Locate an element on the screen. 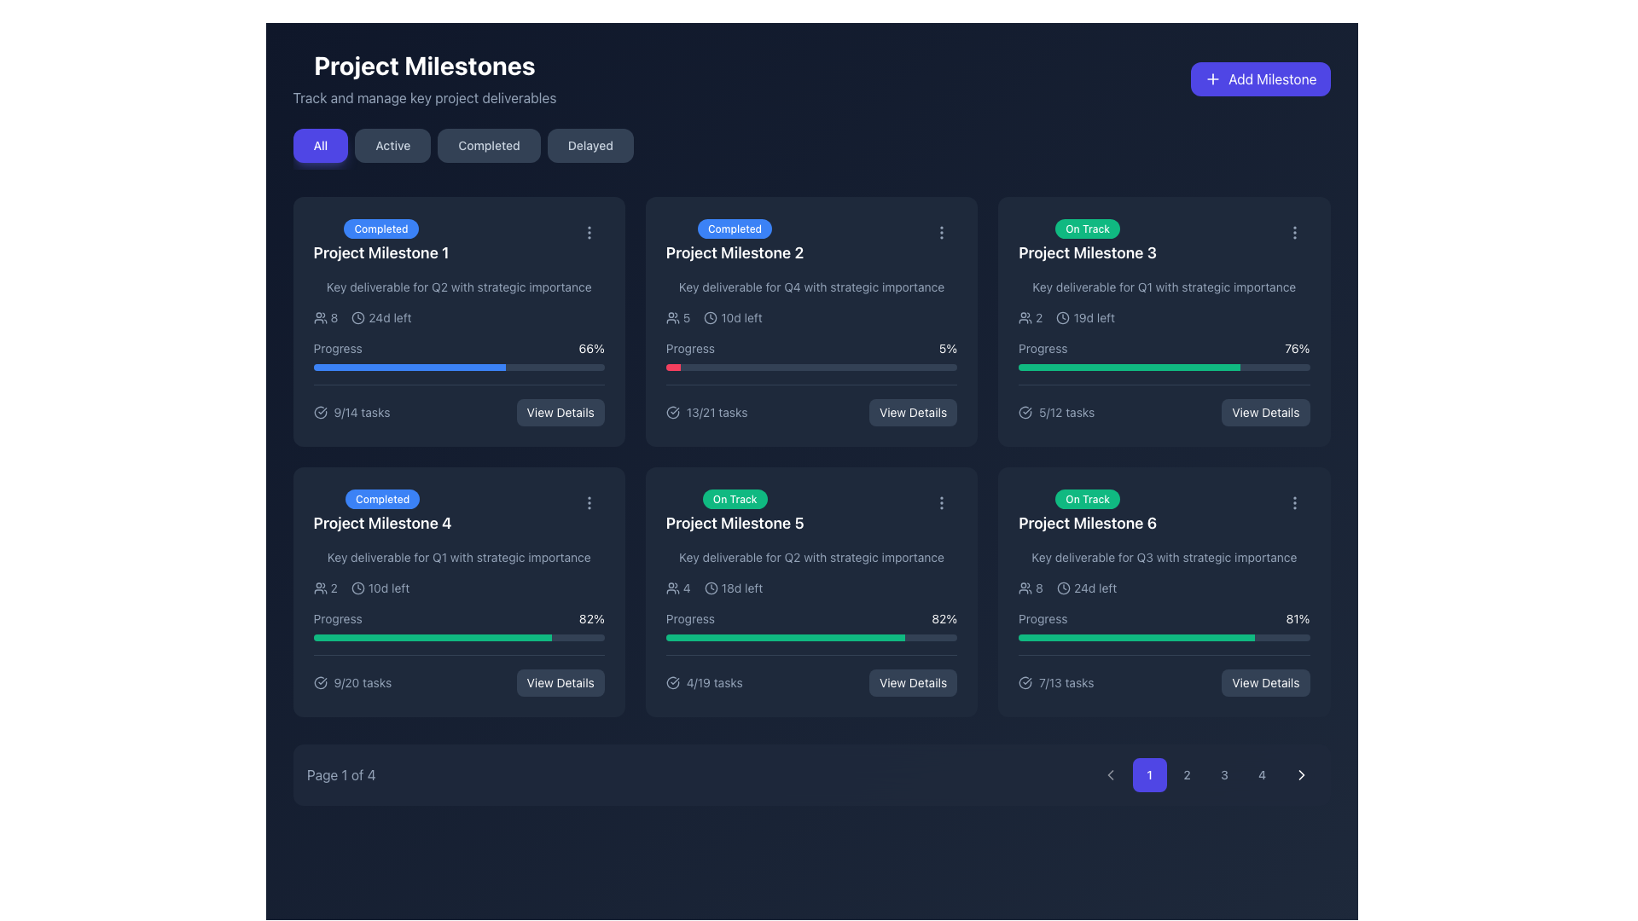 Image resolution: width=1638 pixels, height=921 pixels. the blue badge labeled 'Completed' is located at coordinates (735, 240).